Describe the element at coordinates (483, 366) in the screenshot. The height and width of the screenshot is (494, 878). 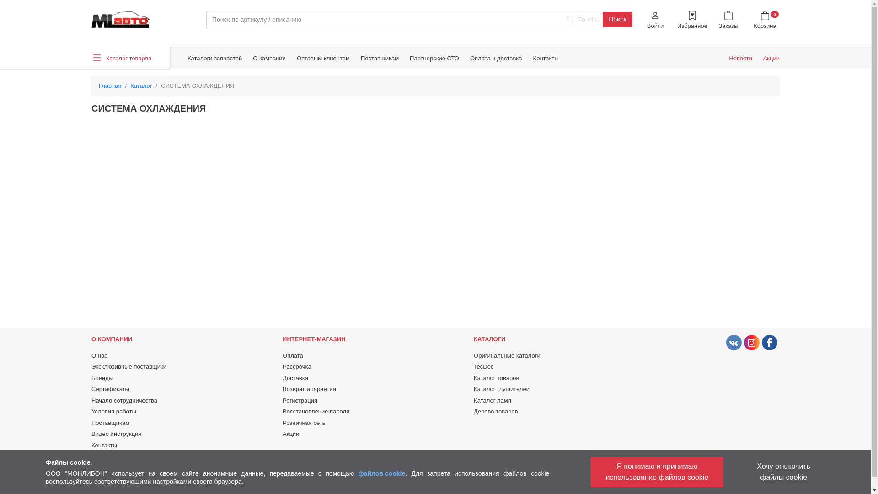
I see `'TecDoc'` at that location.